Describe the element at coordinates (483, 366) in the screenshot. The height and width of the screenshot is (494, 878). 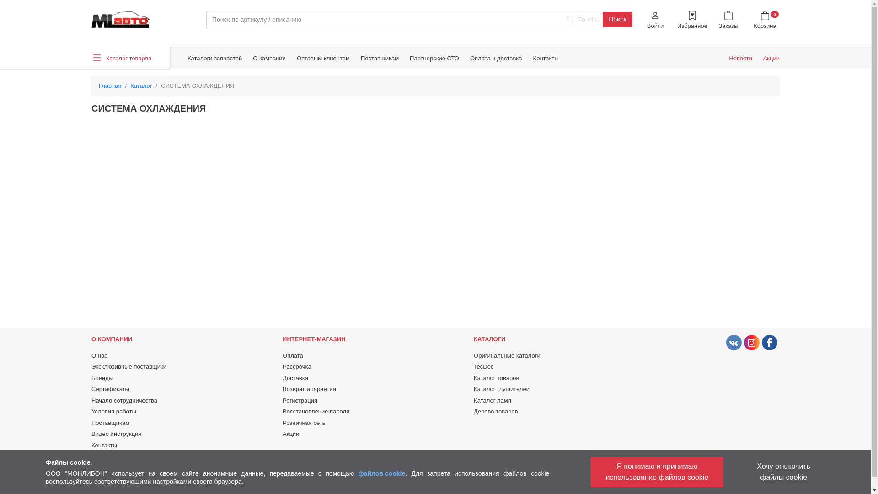
I see `'TecDoc'` at that location.